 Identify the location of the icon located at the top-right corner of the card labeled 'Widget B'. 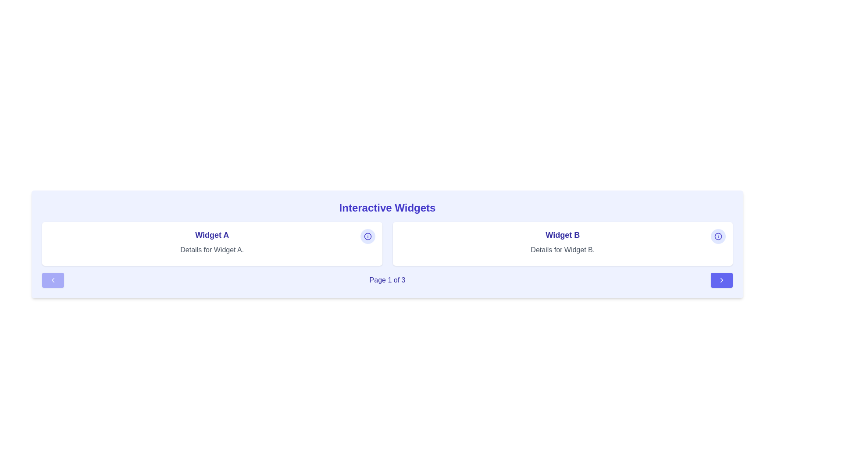
(367, 236).